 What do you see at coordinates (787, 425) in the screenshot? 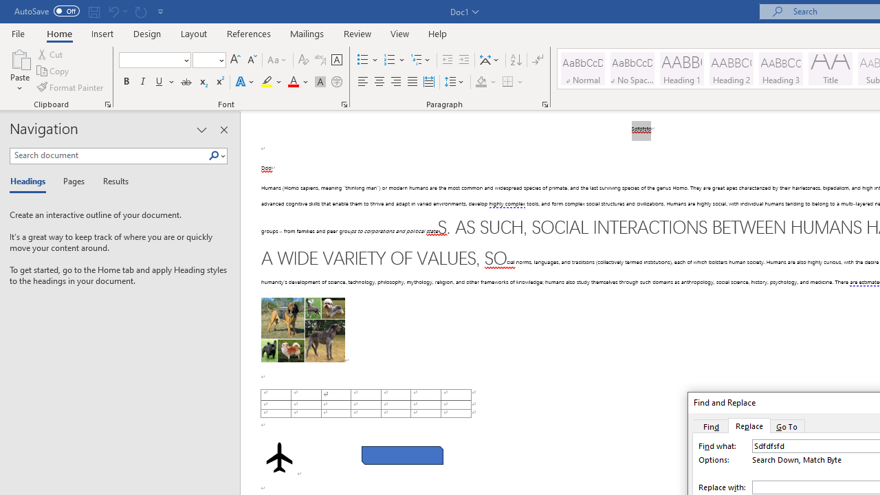
I see `'Go To'` at bounding box center [787, 425].